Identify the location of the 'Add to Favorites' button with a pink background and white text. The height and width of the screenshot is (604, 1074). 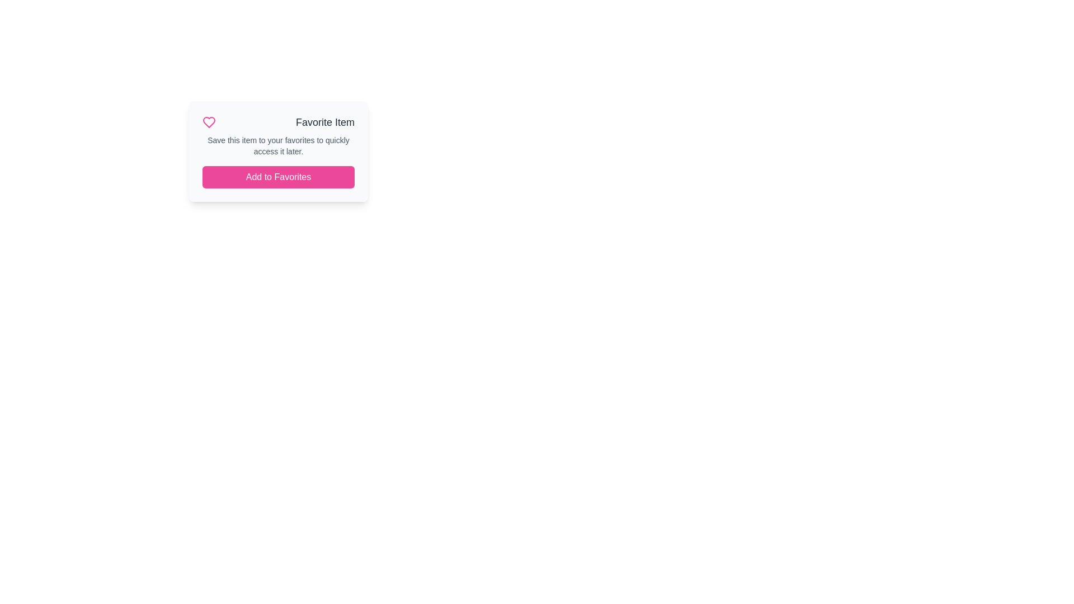
(279, 176).